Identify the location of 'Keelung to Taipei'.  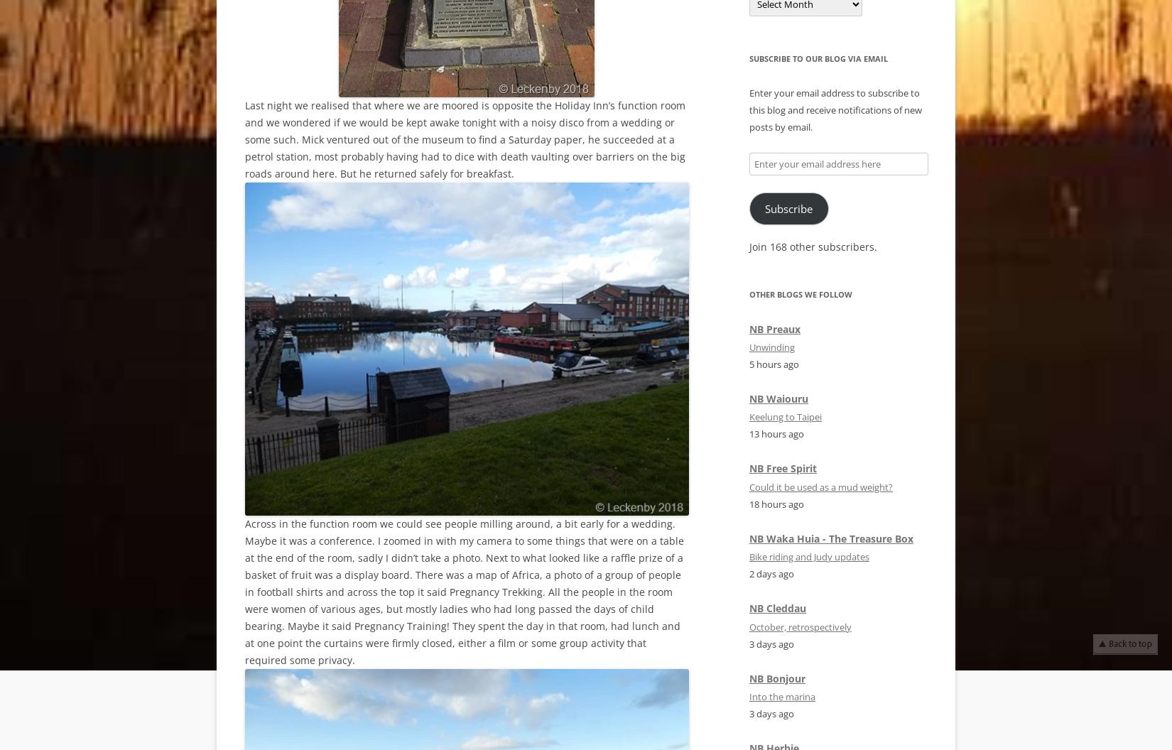
(785, 417).